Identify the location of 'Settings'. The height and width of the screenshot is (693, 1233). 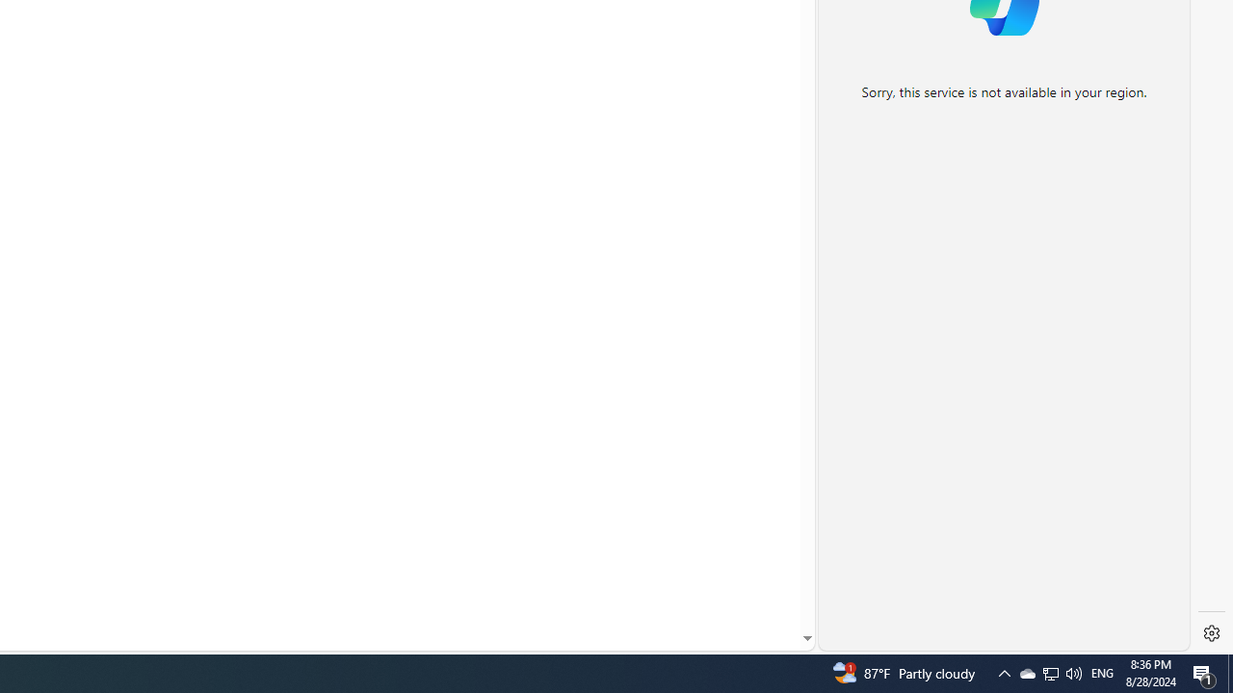
(1211, 633).